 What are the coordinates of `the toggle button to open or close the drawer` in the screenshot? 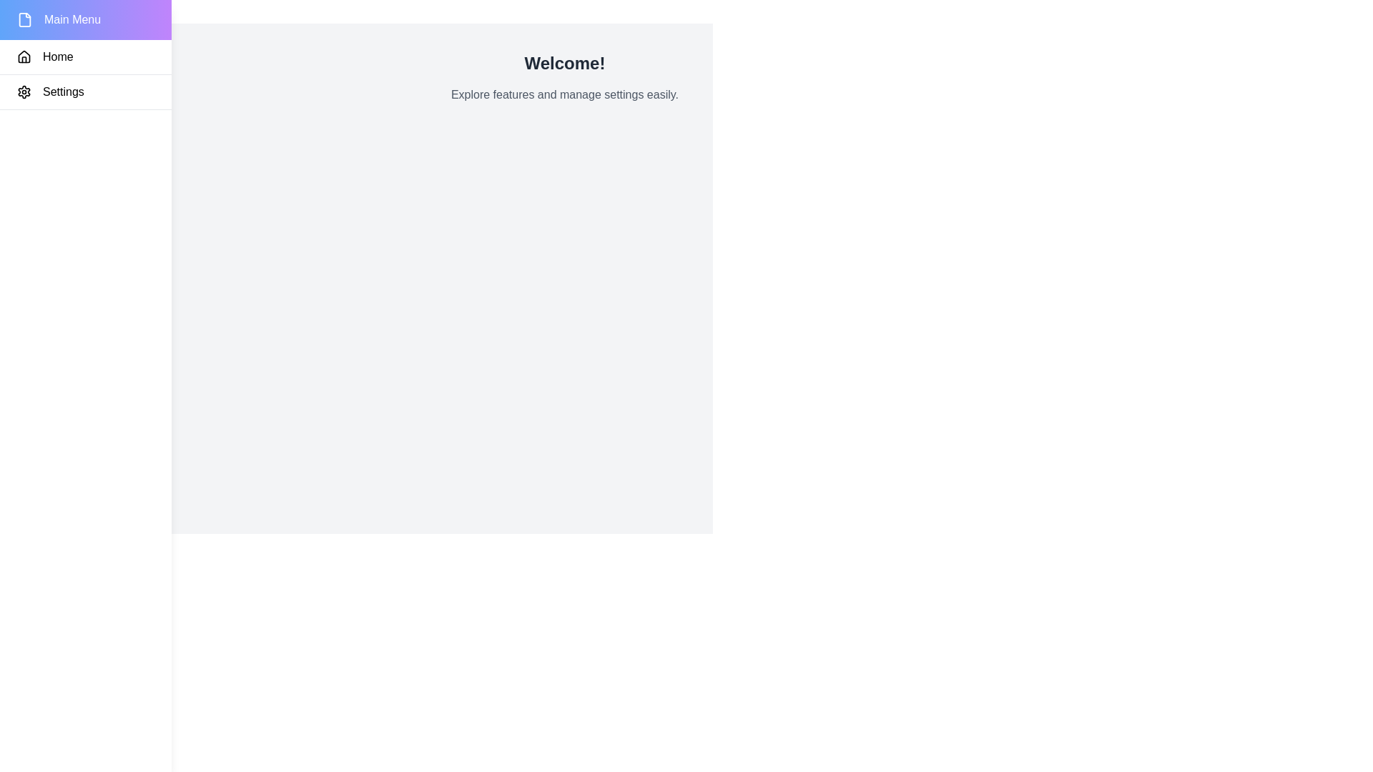 It's located at (27, 27).